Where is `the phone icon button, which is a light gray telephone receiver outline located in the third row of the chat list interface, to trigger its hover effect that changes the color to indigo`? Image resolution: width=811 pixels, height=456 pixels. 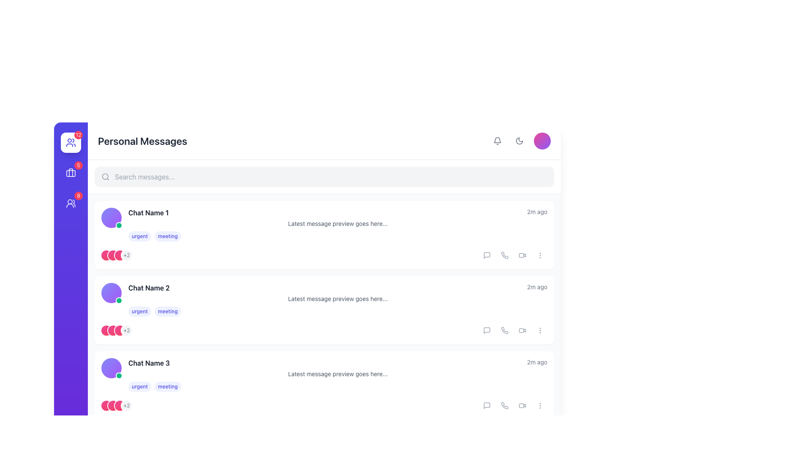
the phone icon button, which is a light gray telephone receiver outline located in the third row of the chat list interface, to trigger its hover effect that changes the color to indigo is located at coordinates (505, 330).